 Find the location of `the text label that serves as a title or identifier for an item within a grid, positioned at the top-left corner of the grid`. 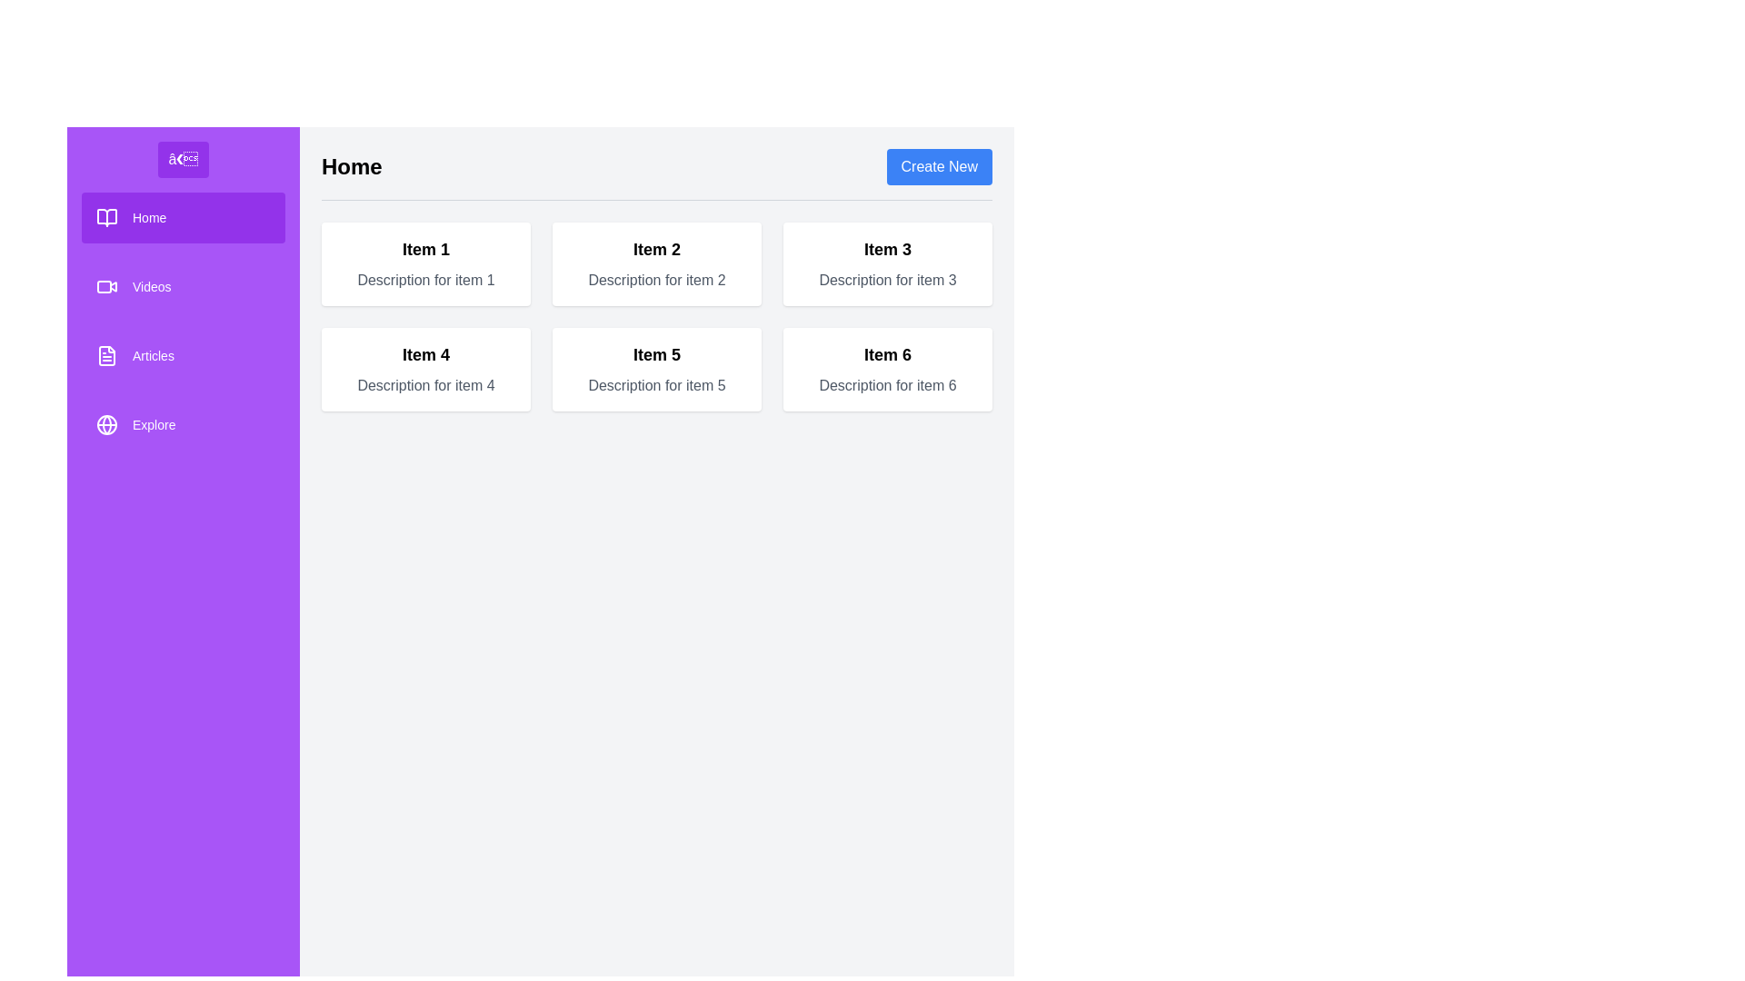

the text label that serves as a title or identifier for an item within a grid, positioned at the top-left corner of the grid is located at coordinates (425, 249).